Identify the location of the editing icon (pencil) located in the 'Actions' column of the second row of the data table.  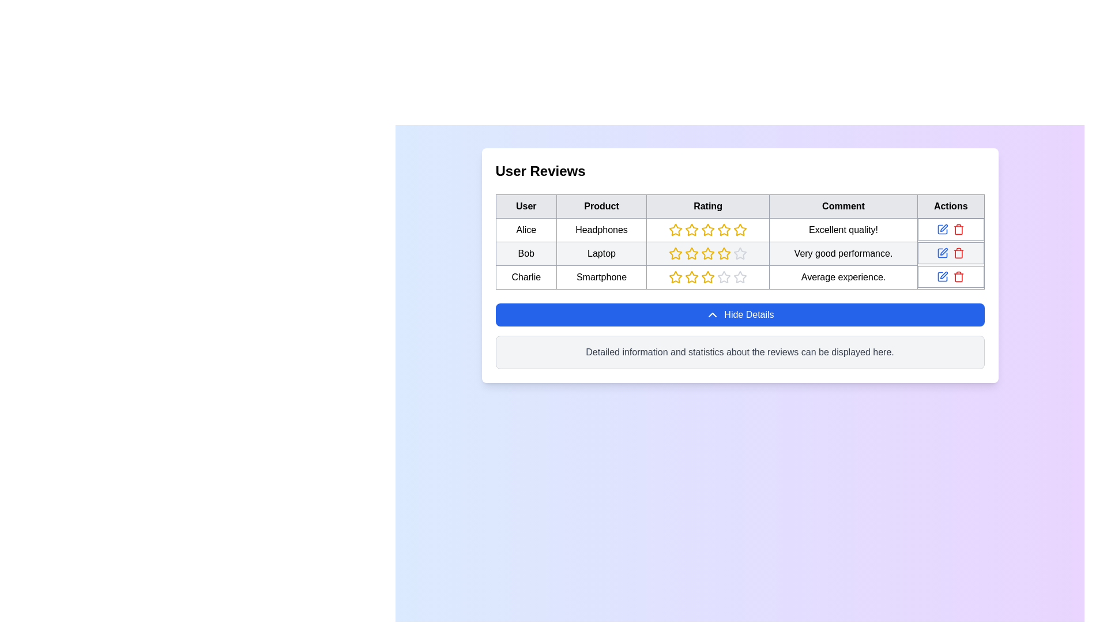
(944, 228).